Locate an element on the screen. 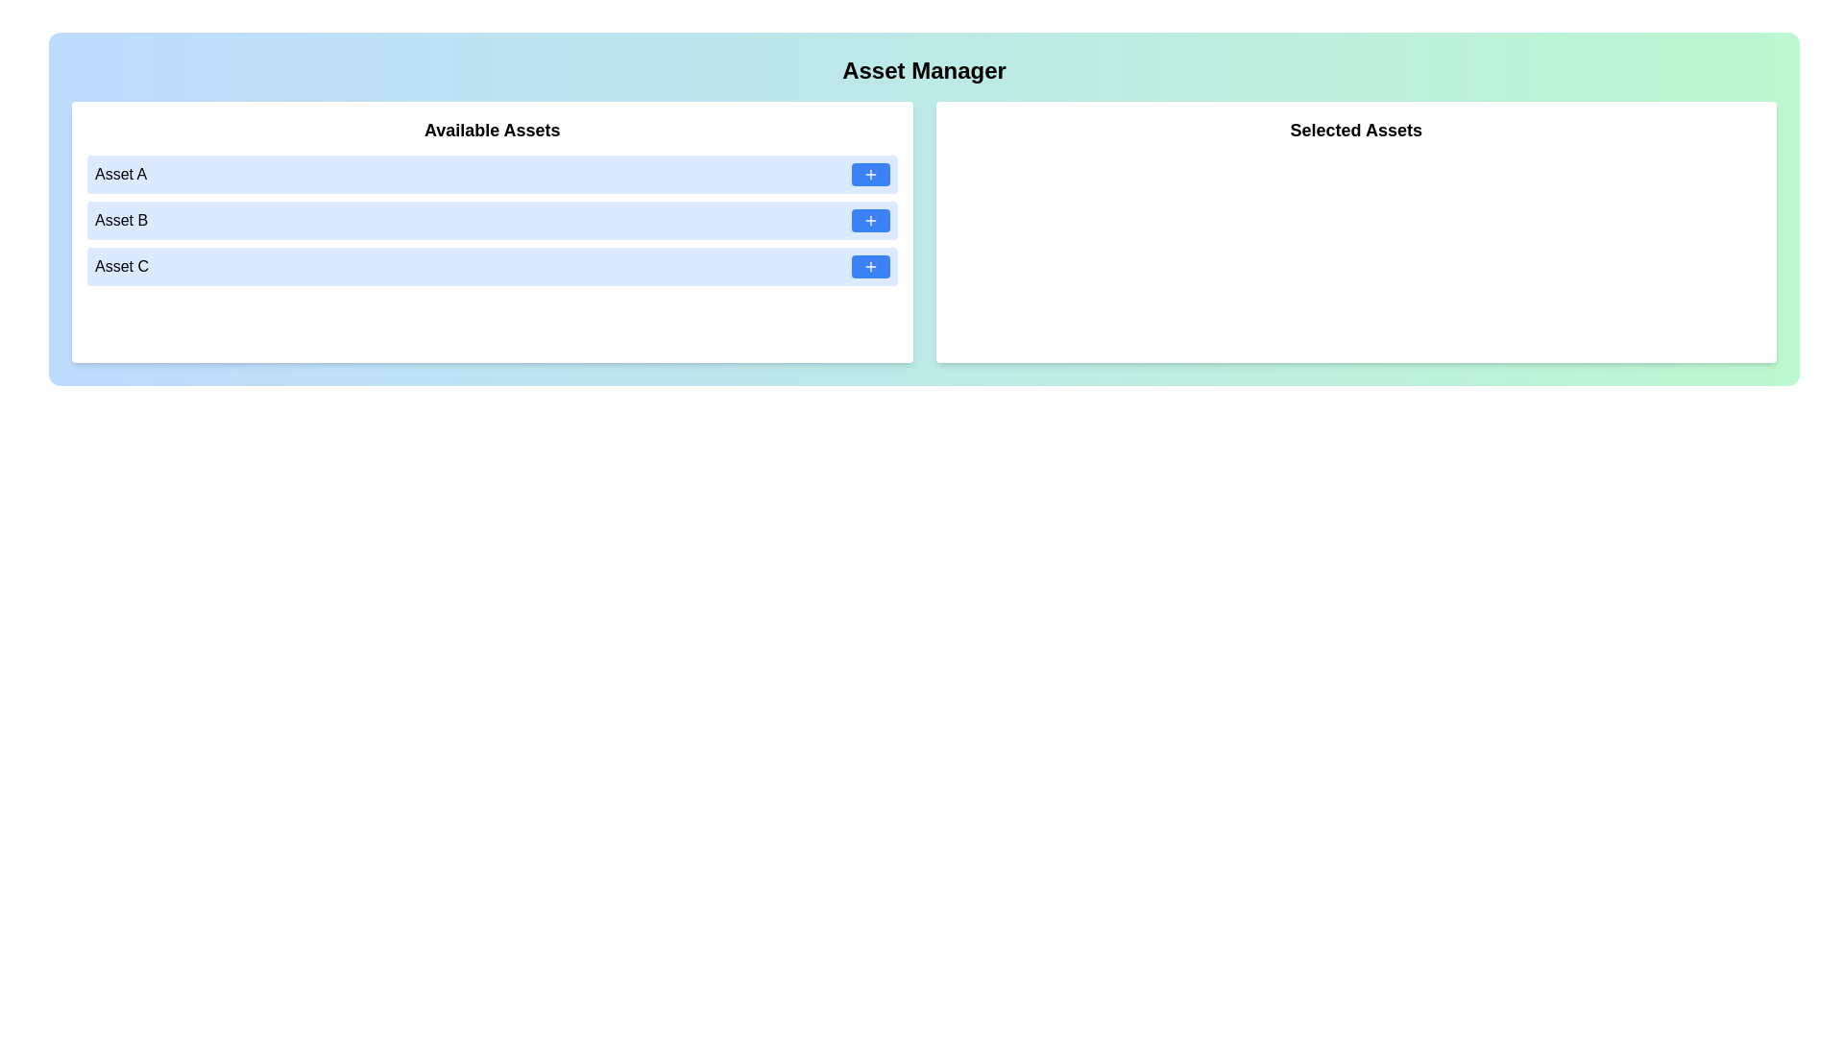 The width and height of the screenshot is (1844, 1037). '+' button for the asset labeled 'Asset A' in the 'Available Assets' section is located at coordinates (869, 174).